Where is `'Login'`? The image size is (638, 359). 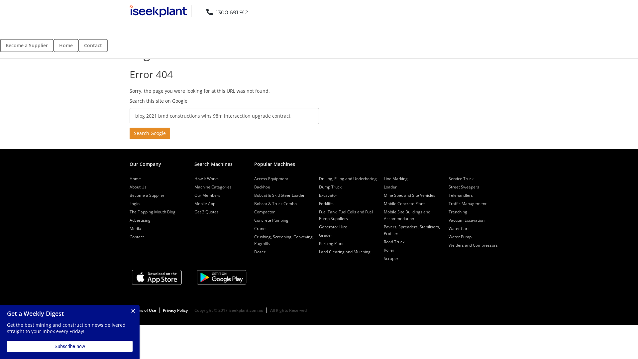 'Login' is located at coordinates (134, 203).